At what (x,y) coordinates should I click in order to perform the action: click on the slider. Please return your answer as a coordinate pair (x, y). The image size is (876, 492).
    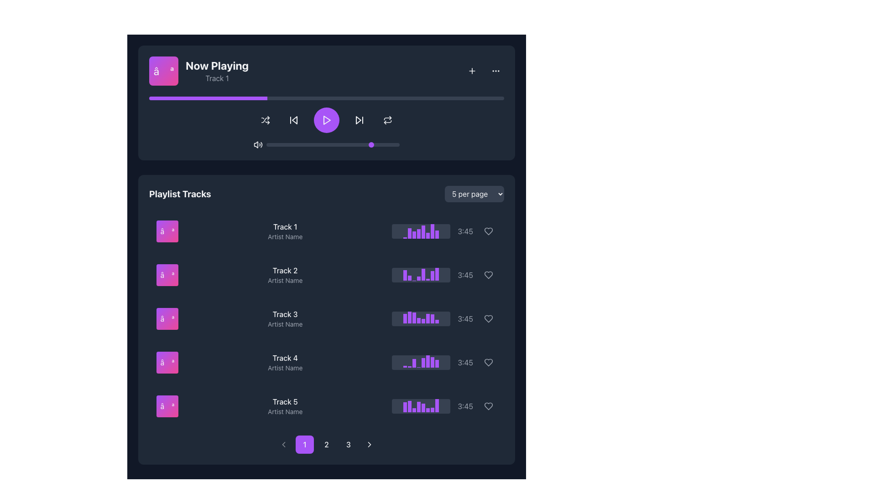
    Looking at the image, I should click on (355, 144).